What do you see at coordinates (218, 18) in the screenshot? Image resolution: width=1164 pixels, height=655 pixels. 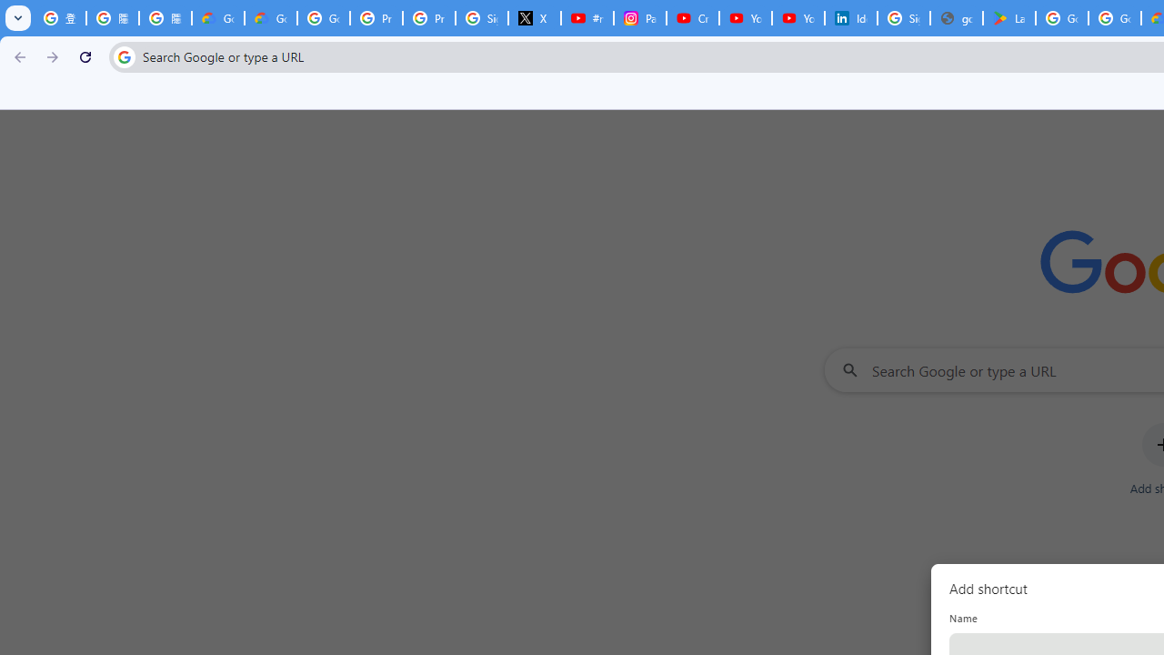 I see `'Google Cloud Privacy Notice'` at bounding box center [218, 18].